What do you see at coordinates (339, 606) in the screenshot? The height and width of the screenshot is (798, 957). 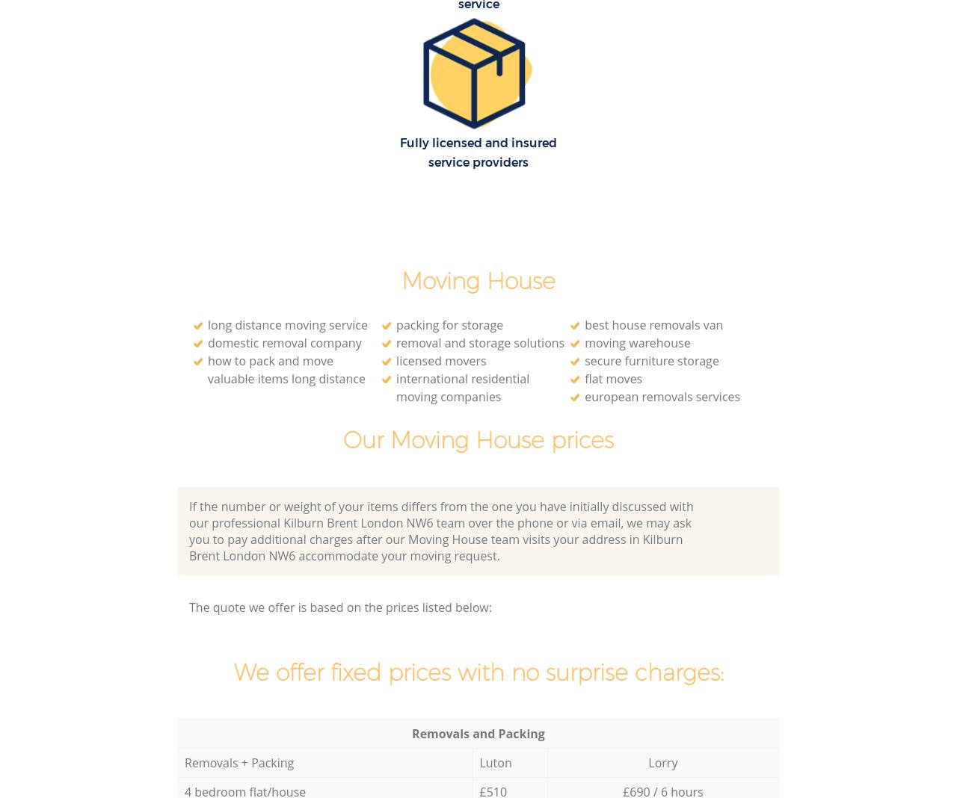 I see `'The quote we offer is based on the prices listed below:'` at bounding box center [339, 606].